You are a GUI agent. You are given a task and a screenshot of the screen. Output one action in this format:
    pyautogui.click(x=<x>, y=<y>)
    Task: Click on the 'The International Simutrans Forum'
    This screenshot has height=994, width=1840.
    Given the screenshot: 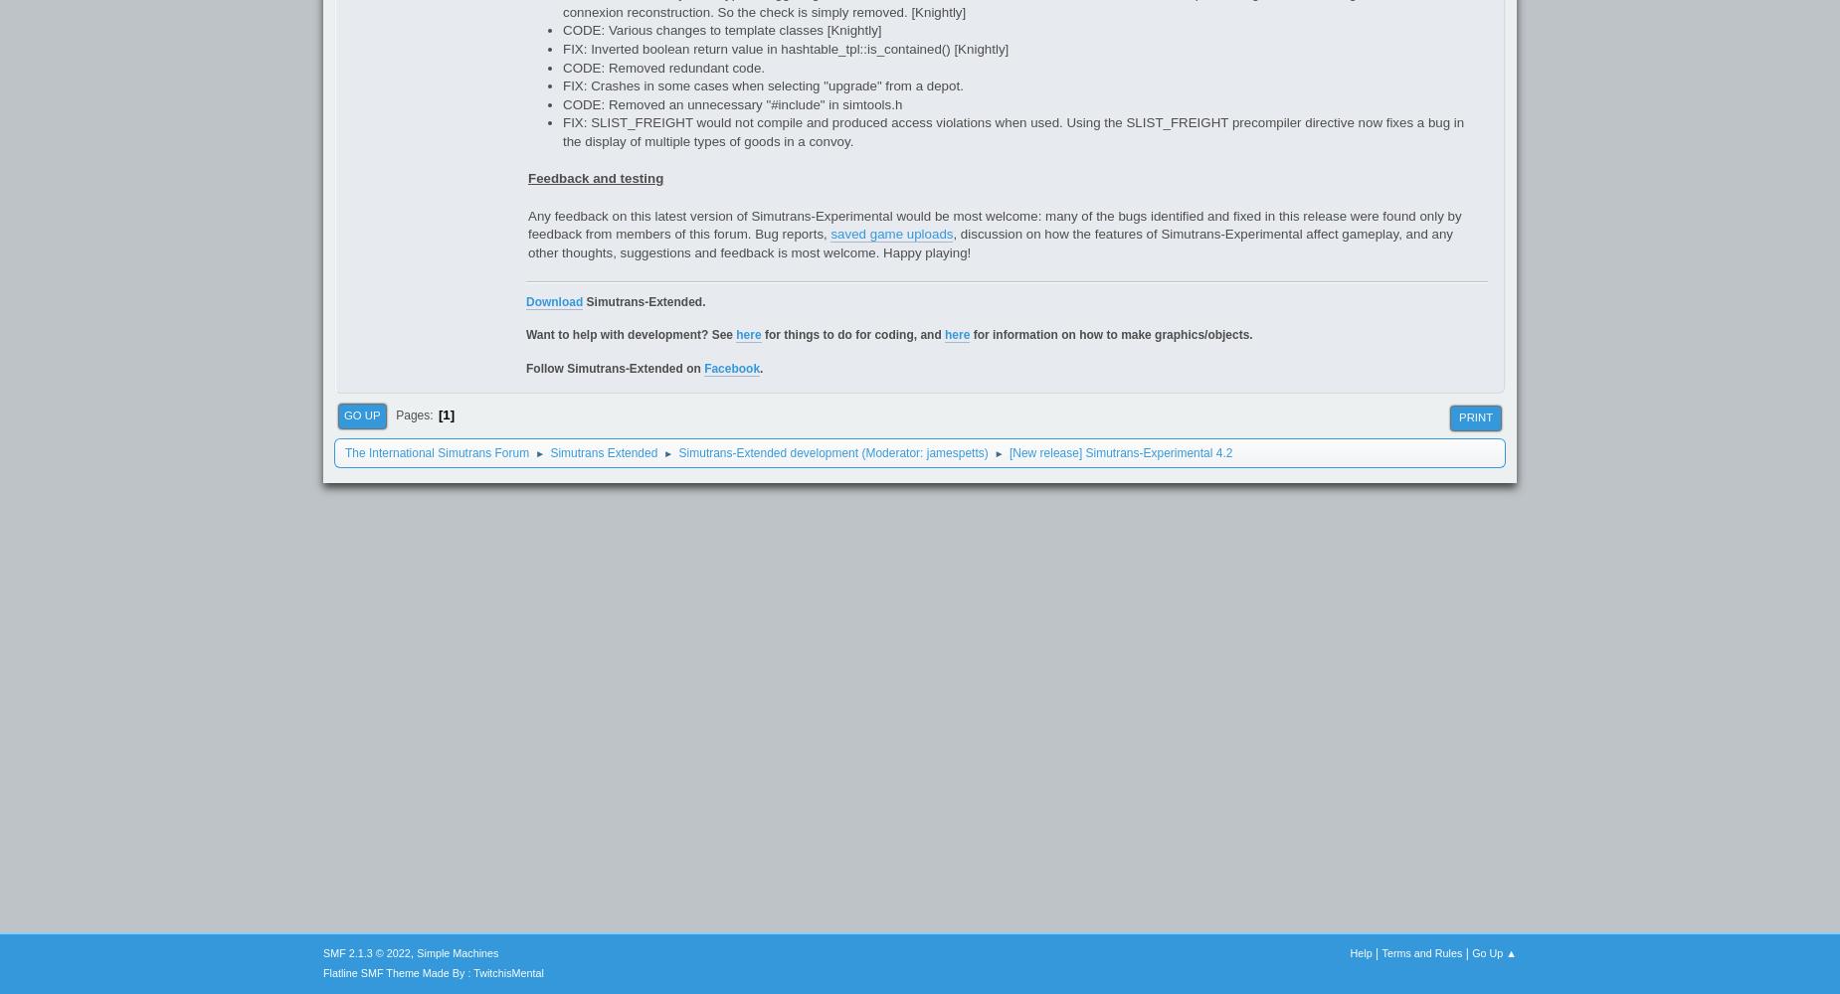 What is the action you would take?
    pyautogui.click(x=436, y=451)
    